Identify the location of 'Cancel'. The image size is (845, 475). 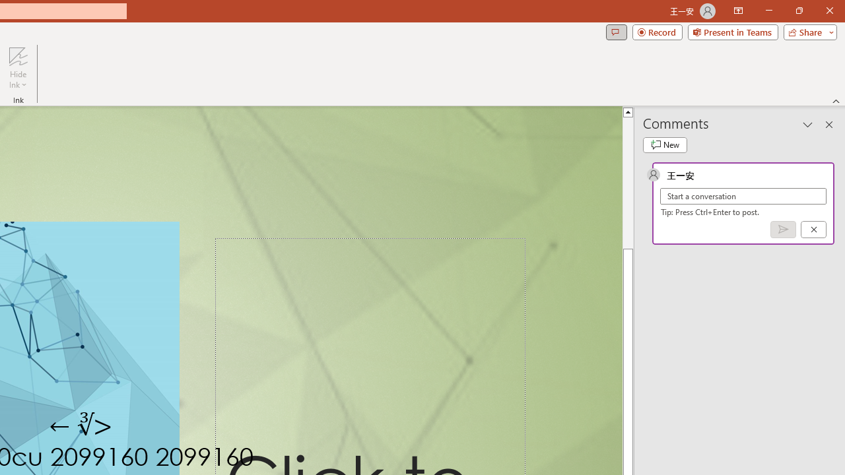
(813, 228).